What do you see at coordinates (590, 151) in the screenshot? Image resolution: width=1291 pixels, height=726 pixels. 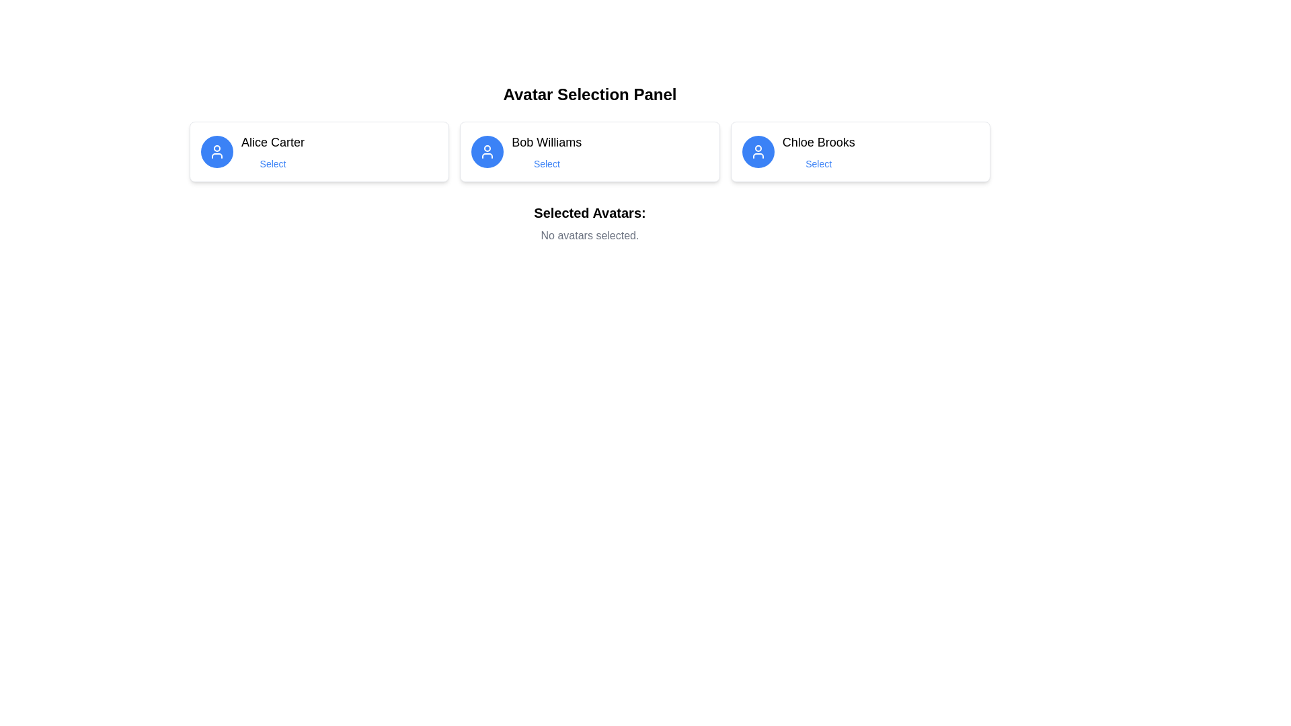 I see `the card containing the avatar of 'Bob Williams', which is the second card in a horizontal list, to potentially reveal additional options` at bounding box center [590, 151].